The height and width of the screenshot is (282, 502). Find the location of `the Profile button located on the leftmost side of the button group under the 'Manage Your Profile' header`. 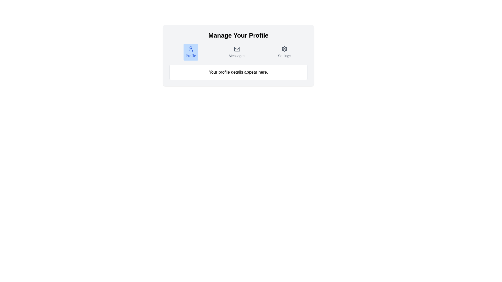

the Profile button located on the leftmost side of the button group under the 'Manage Your Profile' header is located at coordinates (191, 49).